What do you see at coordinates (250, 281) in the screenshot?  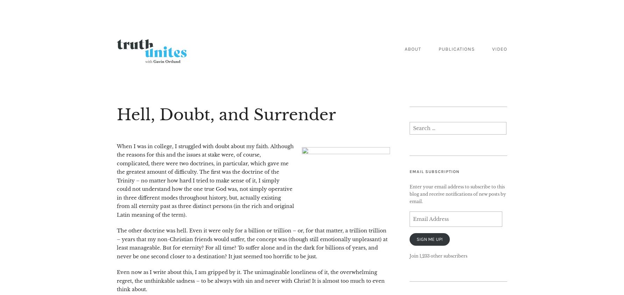 I see `'Even now as I write about this, I am gripped by it. The unimaginable loneliness of it, the overwhelming regret, the unthinkable sadness – to be always with sin and never with Christ! It is almost too much to even think about.'` at bounding box center [250, 281].